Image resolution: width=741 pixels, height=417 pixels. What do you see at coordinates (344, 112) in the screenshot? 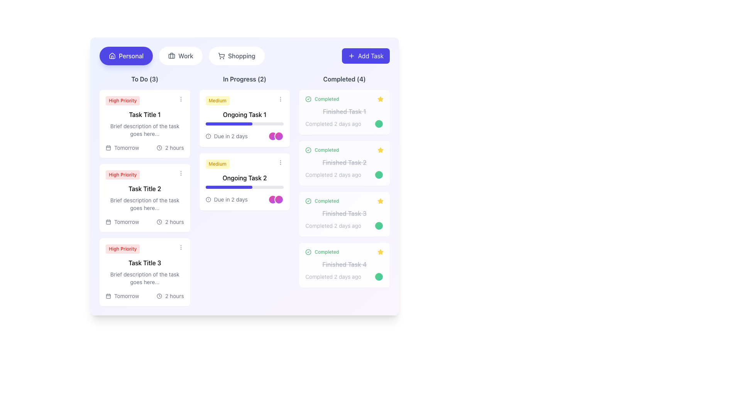
I see `the text label representing a completed task's title located in the rightmost column labeled 'Completed (4)', underneath the 'Completed' label` at bounding box center [344, 112].